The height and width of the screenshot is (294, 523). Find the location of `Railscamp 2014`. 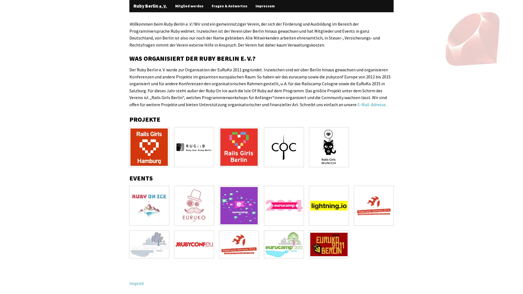

Railscamp 2014 is located at coordinates (373, 206).